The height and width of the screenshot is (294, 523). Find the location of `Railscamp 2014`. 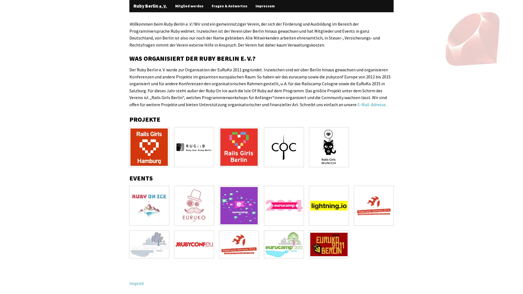

Railscamp 2014 is located at coordinates (373, 206).